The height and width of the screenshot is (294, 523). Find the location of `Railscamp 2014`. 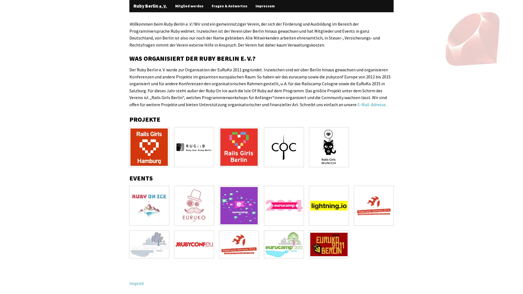

Railscamp 2014 is located at coordinates (373, 206).